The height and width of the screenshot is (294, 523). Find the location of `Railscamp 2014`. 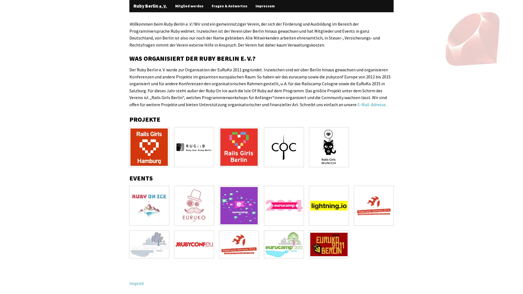

Railscamp 2014 is located at coordinates (373, 206).